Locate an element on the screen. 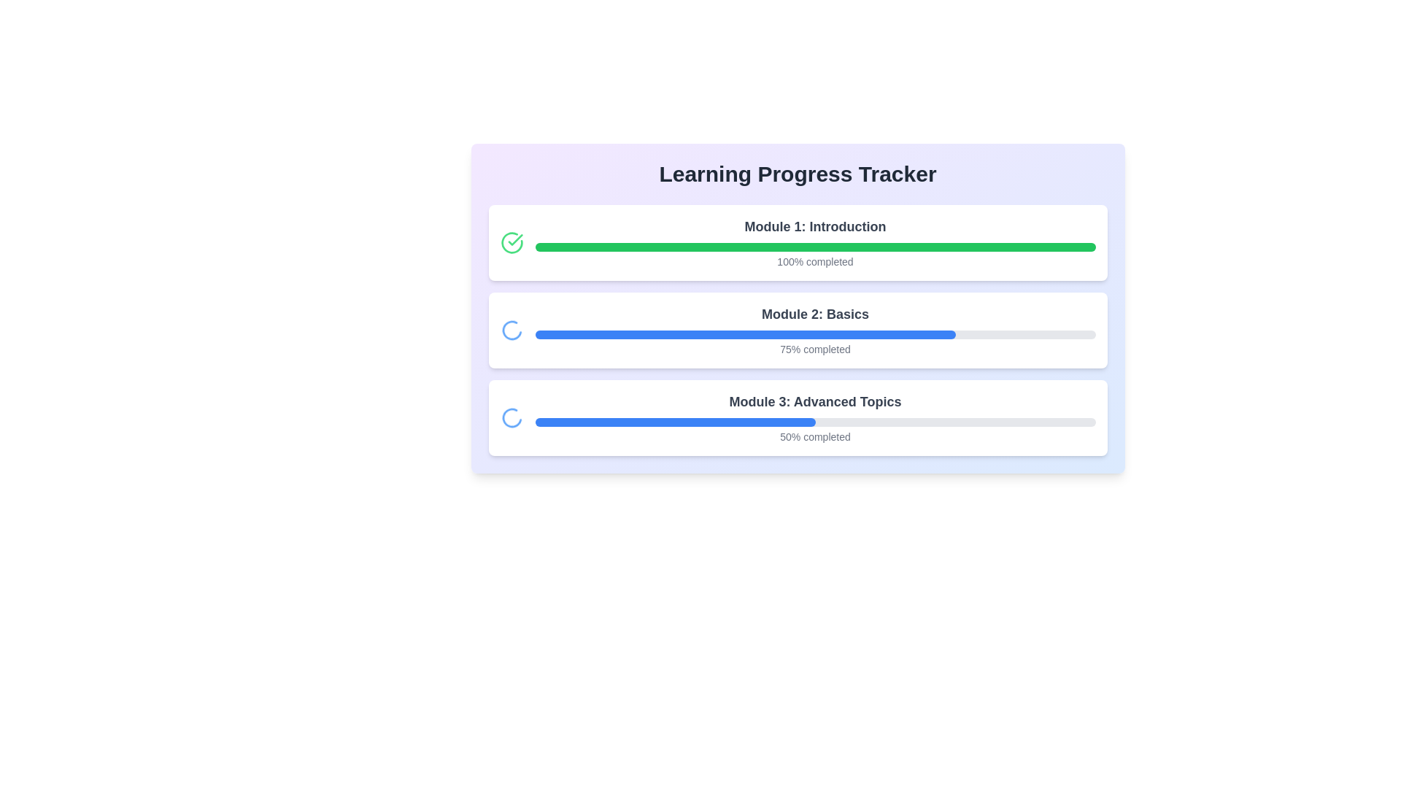  text label displaying '75% completed' located below the blue progress bar in the module progress tracker is located at coordinates (814, 349).